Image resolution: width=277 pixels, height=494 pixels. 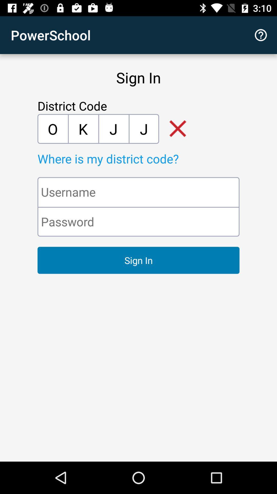 I want to click on password entry, so click(x=138, y=222).